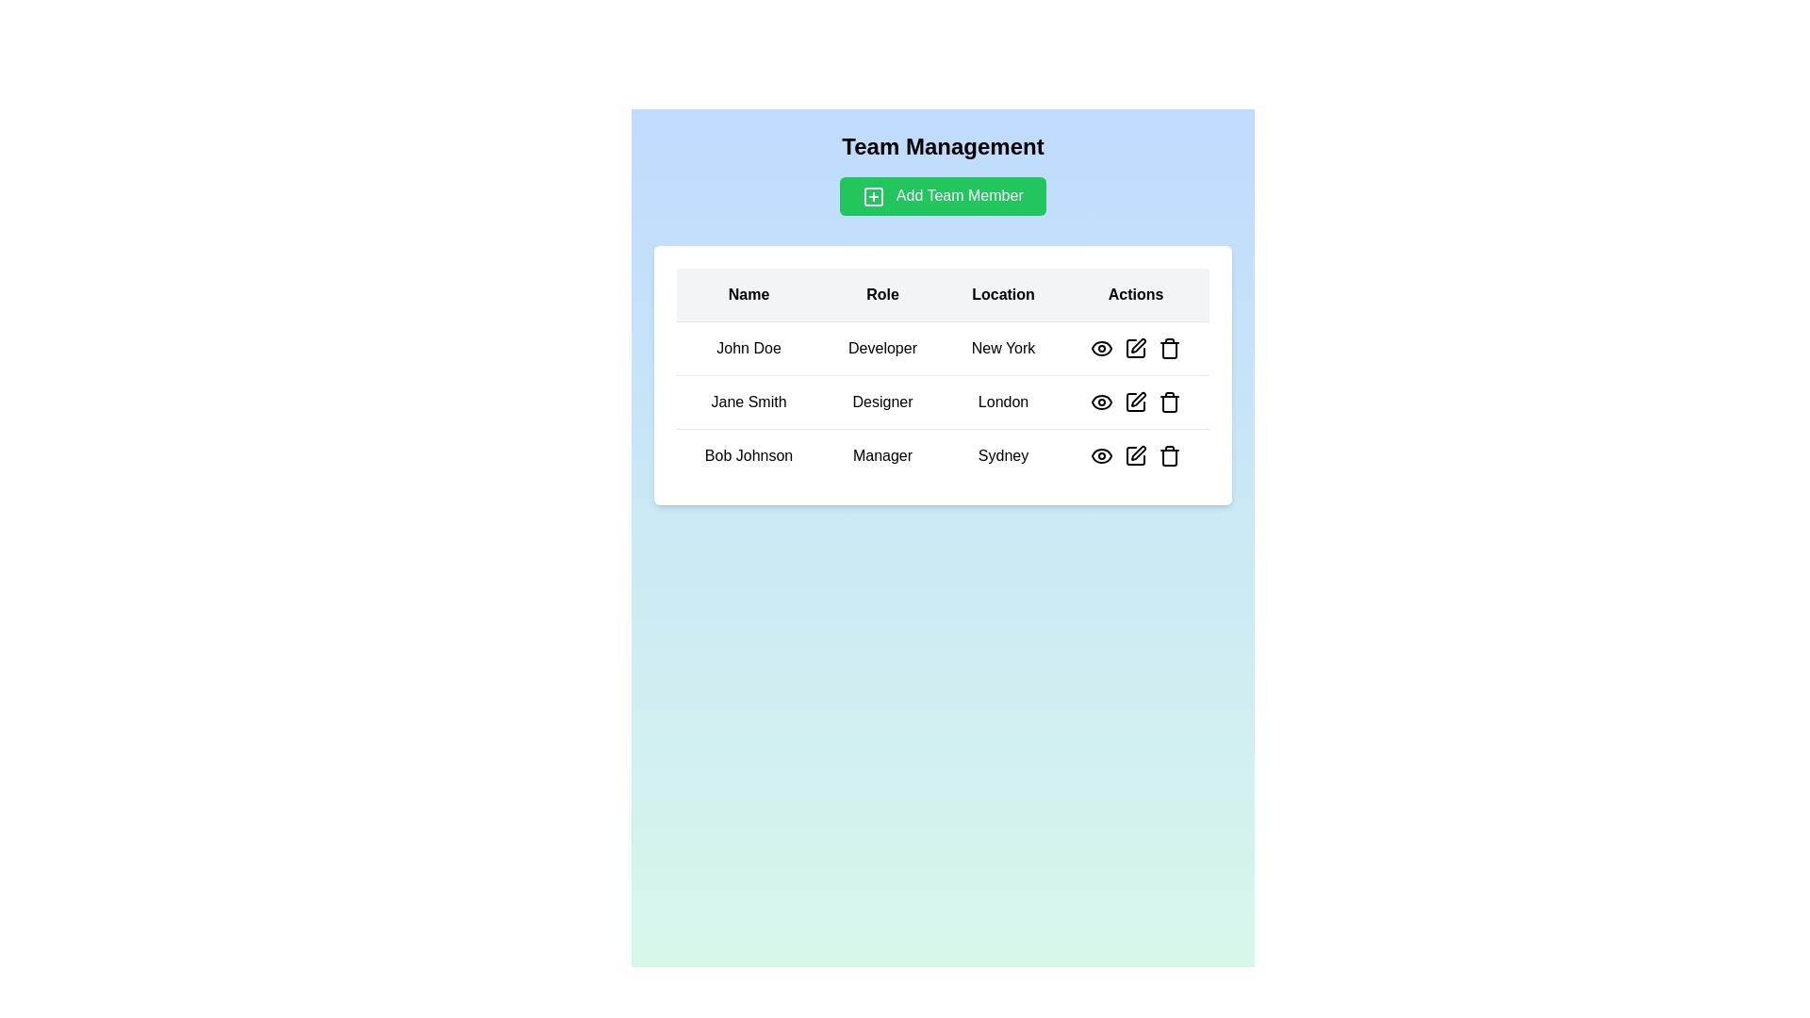 This screenshot has width=1810, height=1018. I want to click on the text label that provides the name of an individual in the team management table, located in the second row under the 'Name' column, so click(748, 401).